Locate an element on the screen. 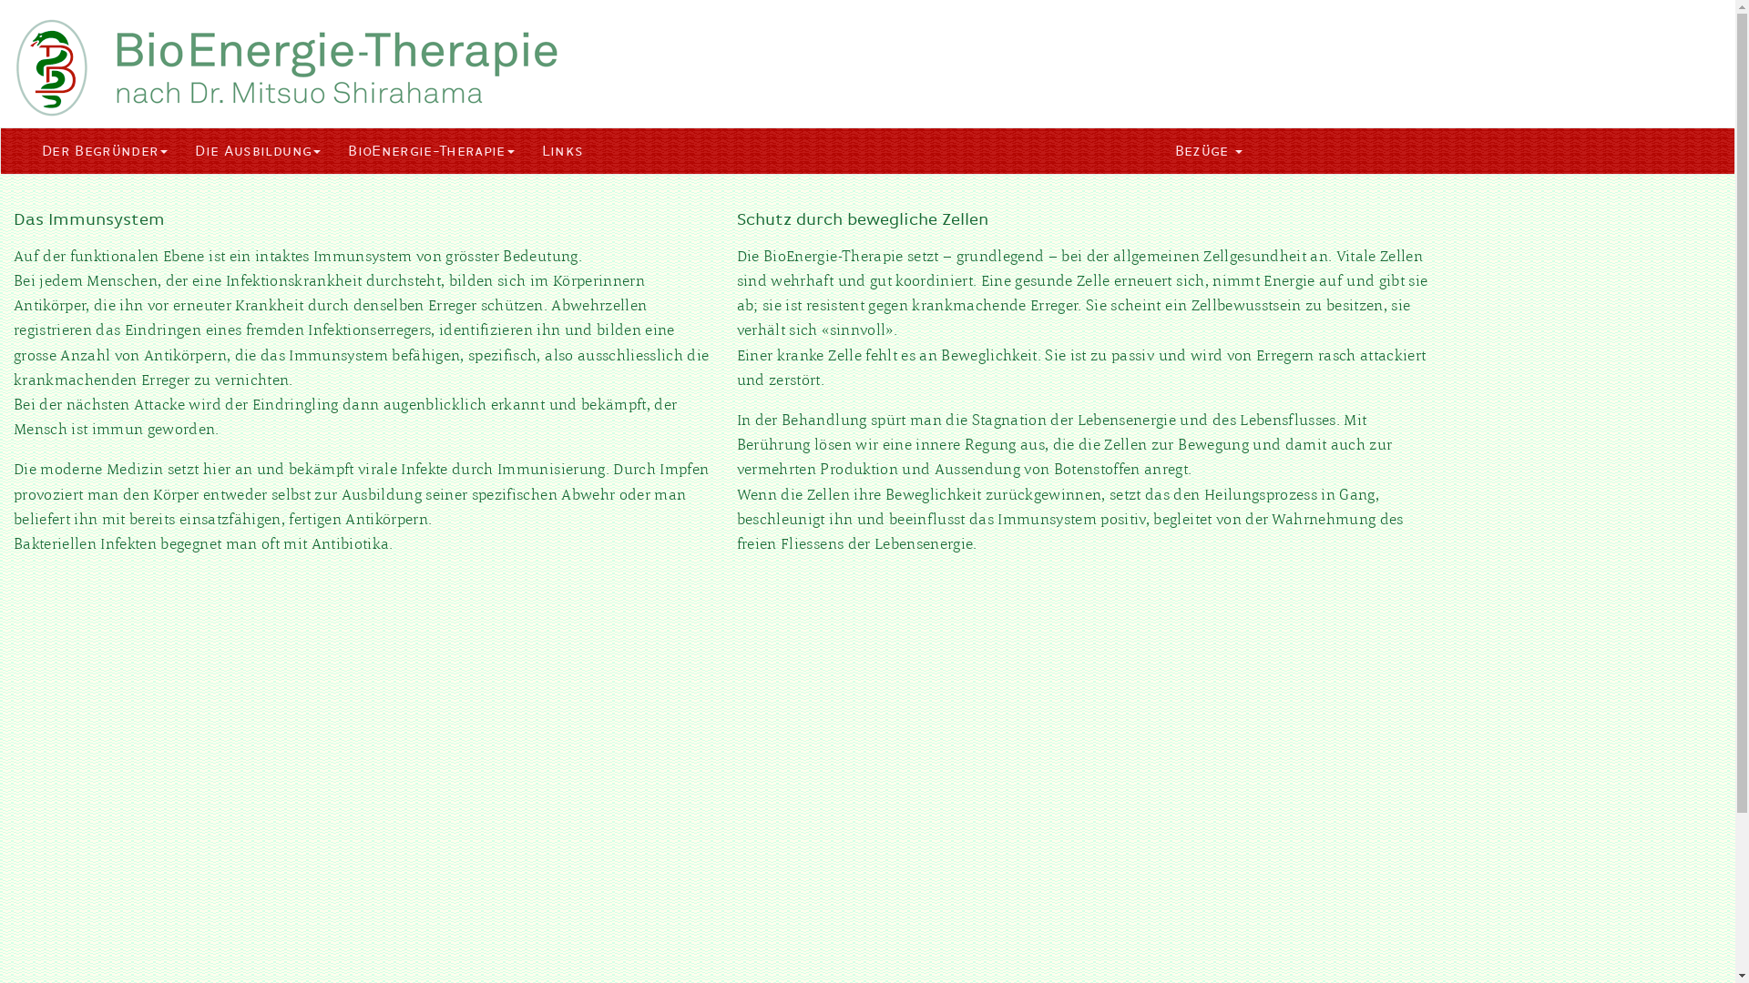  'Links' is located at coordinates (562, 149).